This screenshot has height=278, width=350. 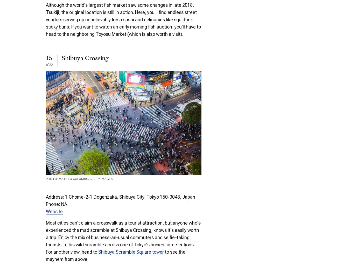 What do you see at coordinates (120, 197) in the screenshot?
I see `'Address: 1 Chome-2-1 Dogenzaka, Shibuya City, Tokyo 150-0043, Japan'` at bounding box center [120, 197].